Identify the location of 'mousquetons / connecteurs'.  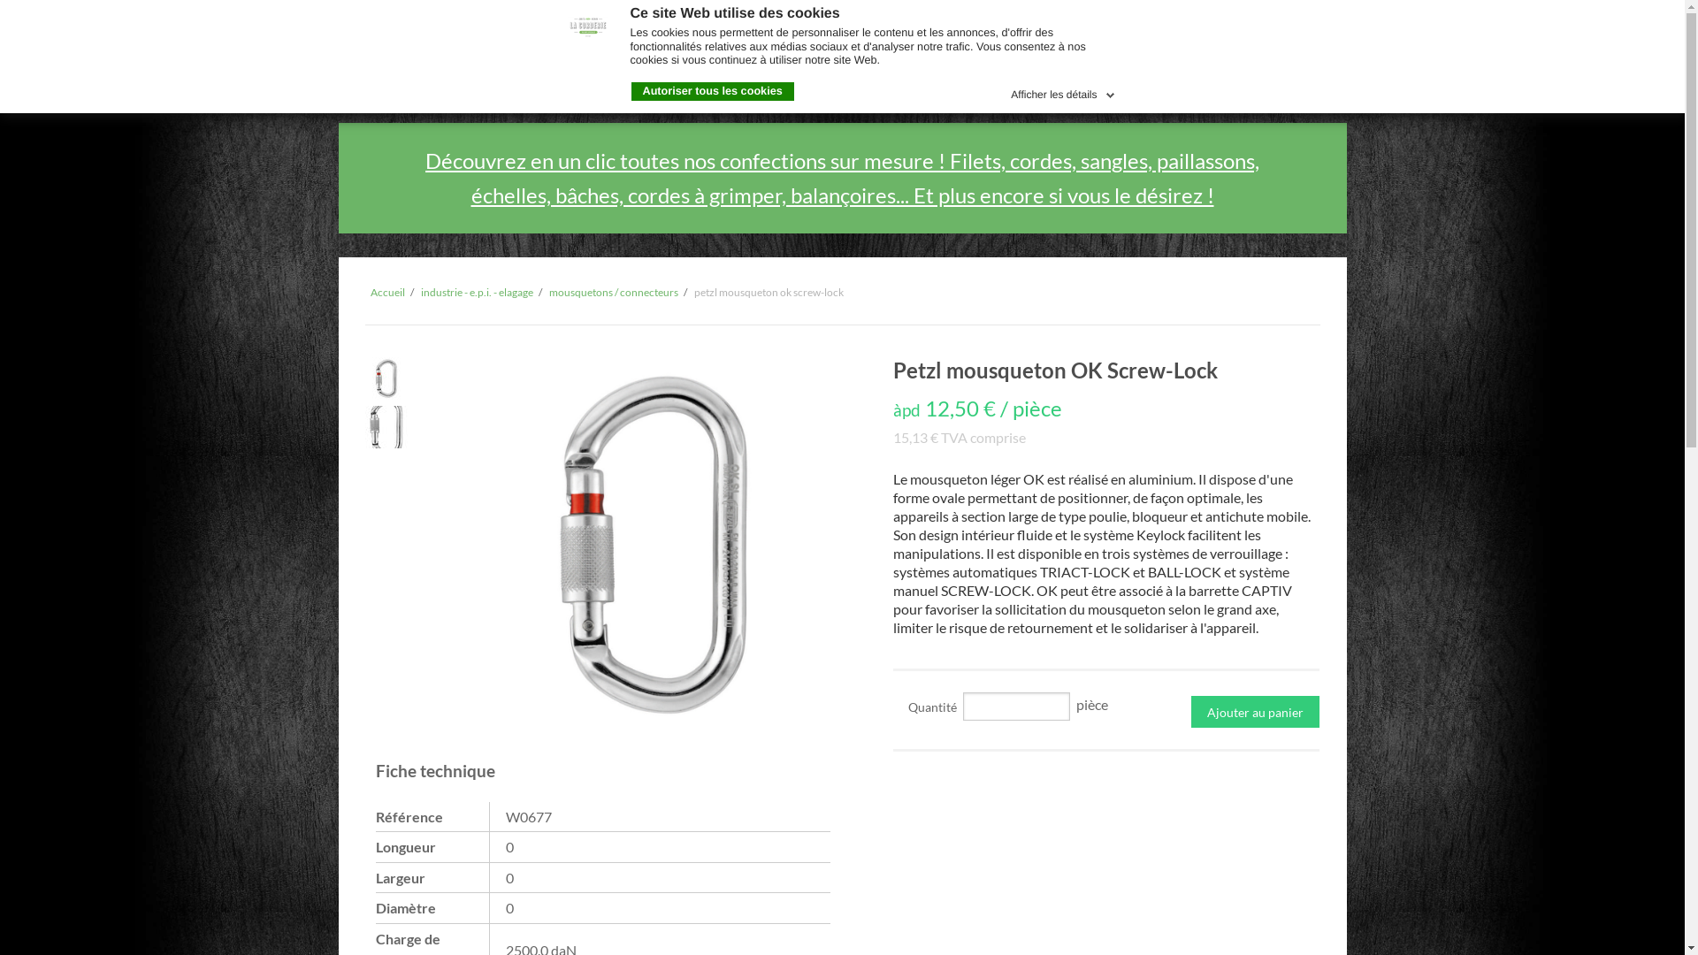
(612, 291).